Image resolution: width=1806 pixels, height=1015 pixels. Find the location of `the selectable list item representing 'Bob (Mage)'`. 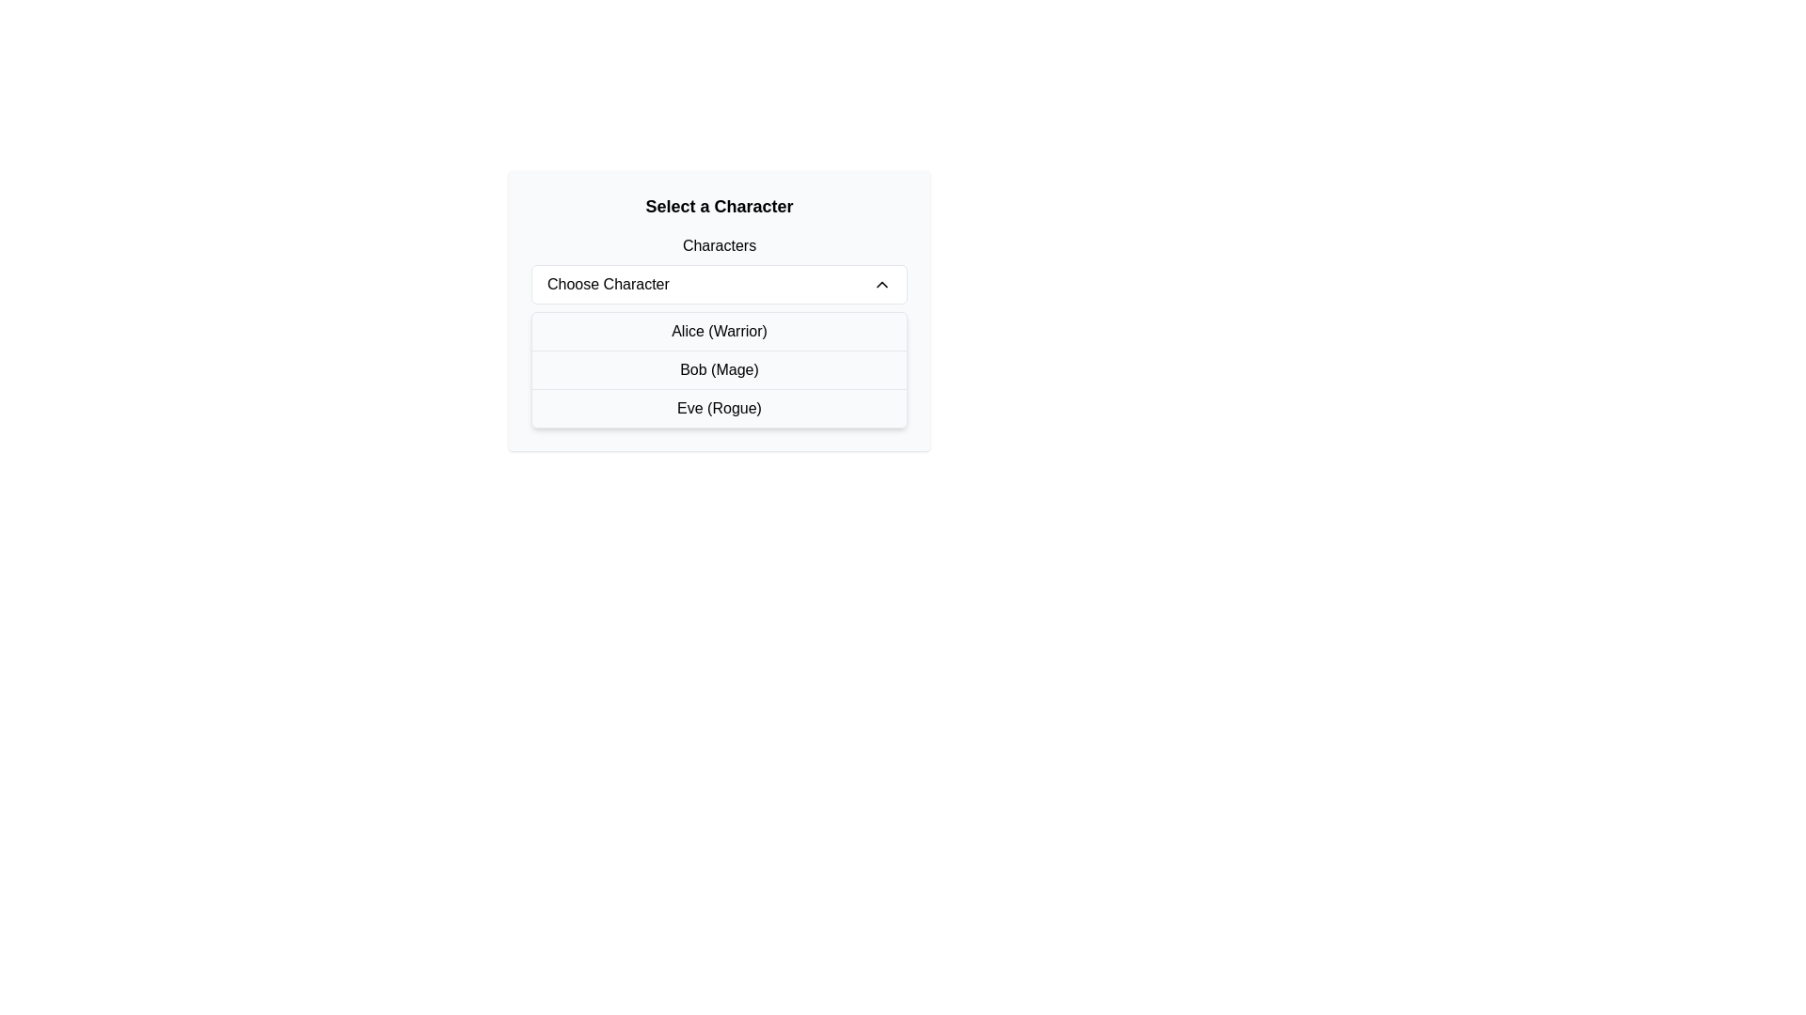

the selectable list item representing 'Bob (Mage)' is located at coordinates (718, 369).